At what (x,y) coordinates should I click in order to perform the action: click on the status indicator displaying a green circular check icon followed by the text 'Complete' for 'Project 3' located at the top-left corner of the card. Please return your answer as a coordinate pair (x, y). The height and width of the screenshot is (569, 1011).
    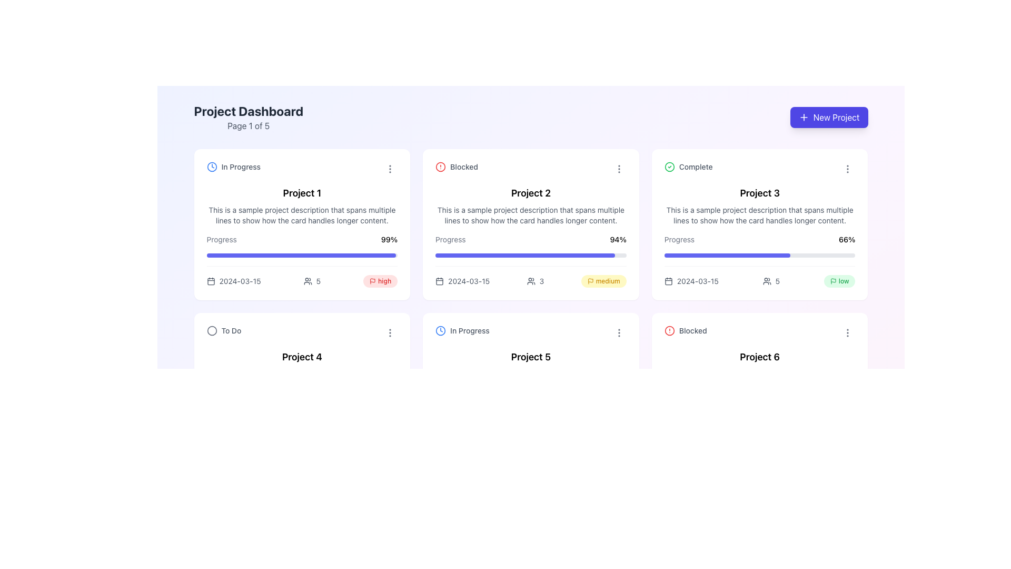
    Looking at the image, I should click on (688, 166).